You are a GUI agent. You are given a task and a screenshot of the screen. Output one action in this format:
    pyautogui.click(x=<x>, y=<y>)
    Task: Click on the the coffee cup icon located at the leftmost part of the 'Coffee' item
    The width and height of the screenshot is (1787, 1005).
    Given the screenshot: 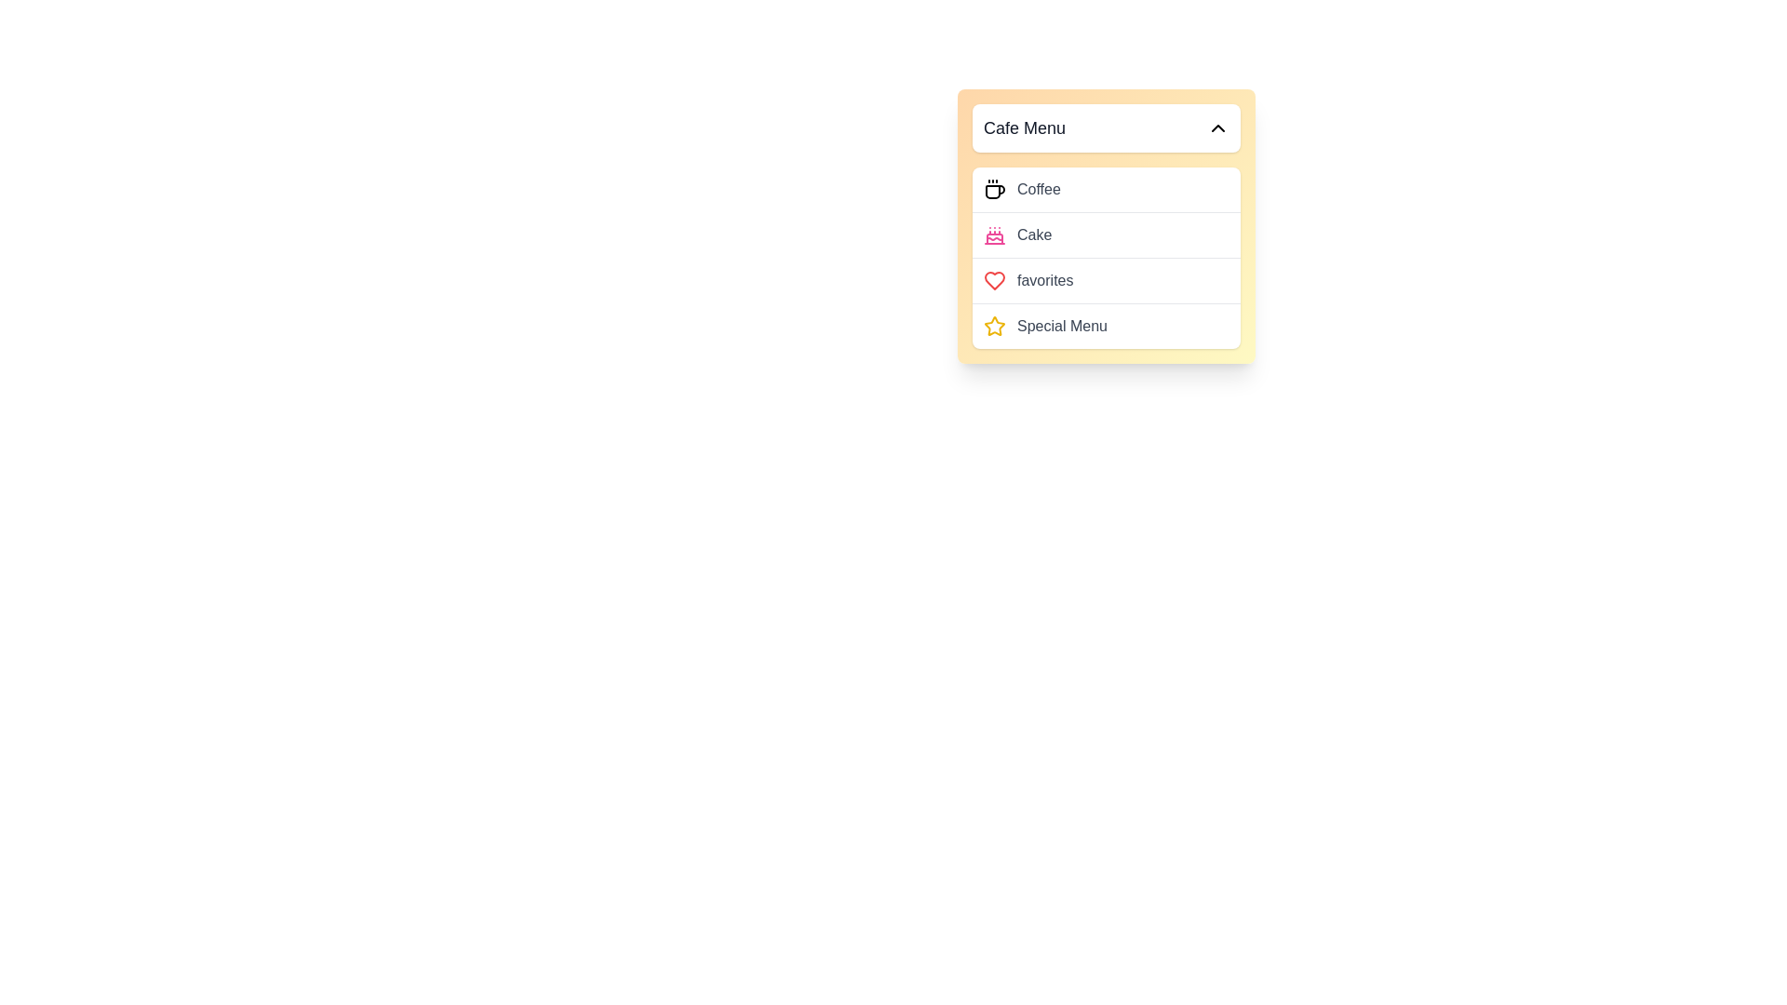 What is the action you would take?
    pyautogui.click(x=994, y=190)
    